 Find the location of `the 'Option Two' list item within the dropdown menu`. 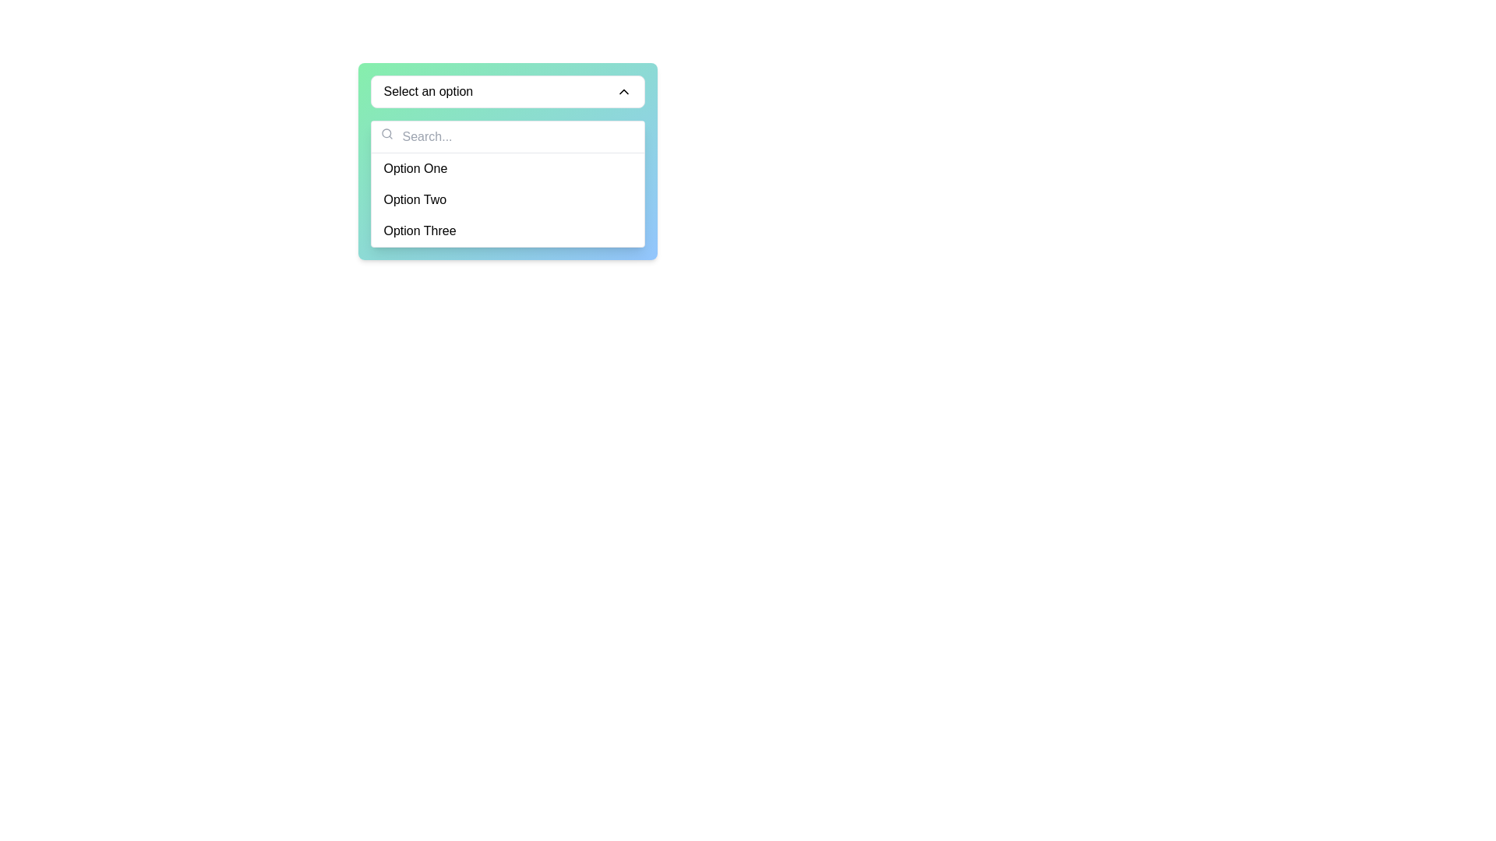

the 'Option Two' list item within the dropdown menu is located at coordinates (507, 199).